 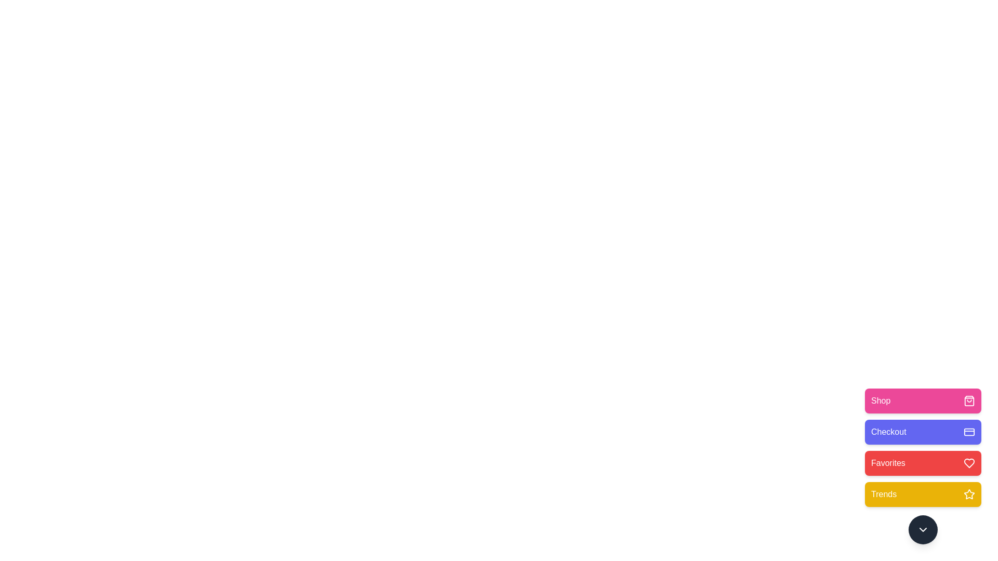 I want to click on the menu option Favorites by clicking the corresponding button, so click(x=923, y=462).